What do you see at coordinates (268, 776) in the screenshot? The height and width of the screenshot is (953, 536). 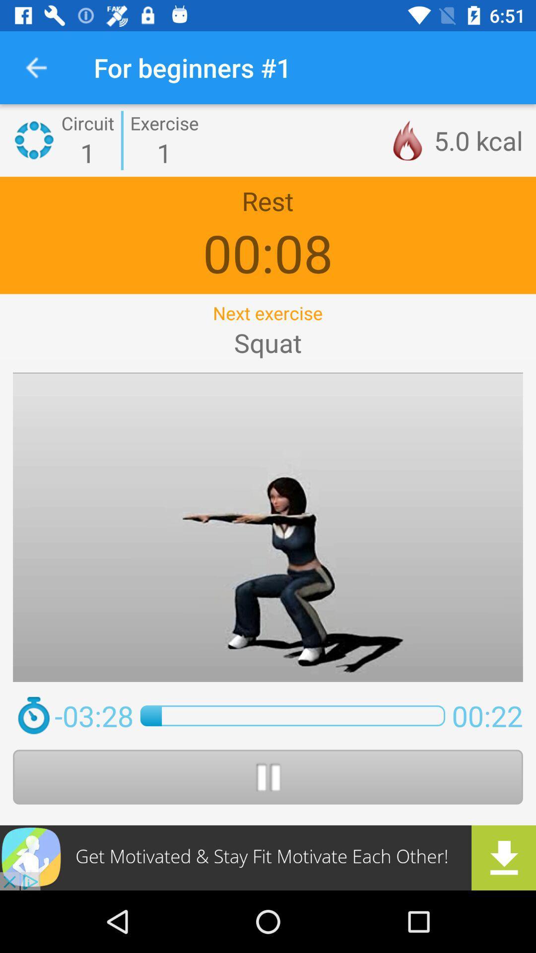 I see `pause opion` at bounding box center [268, 776].